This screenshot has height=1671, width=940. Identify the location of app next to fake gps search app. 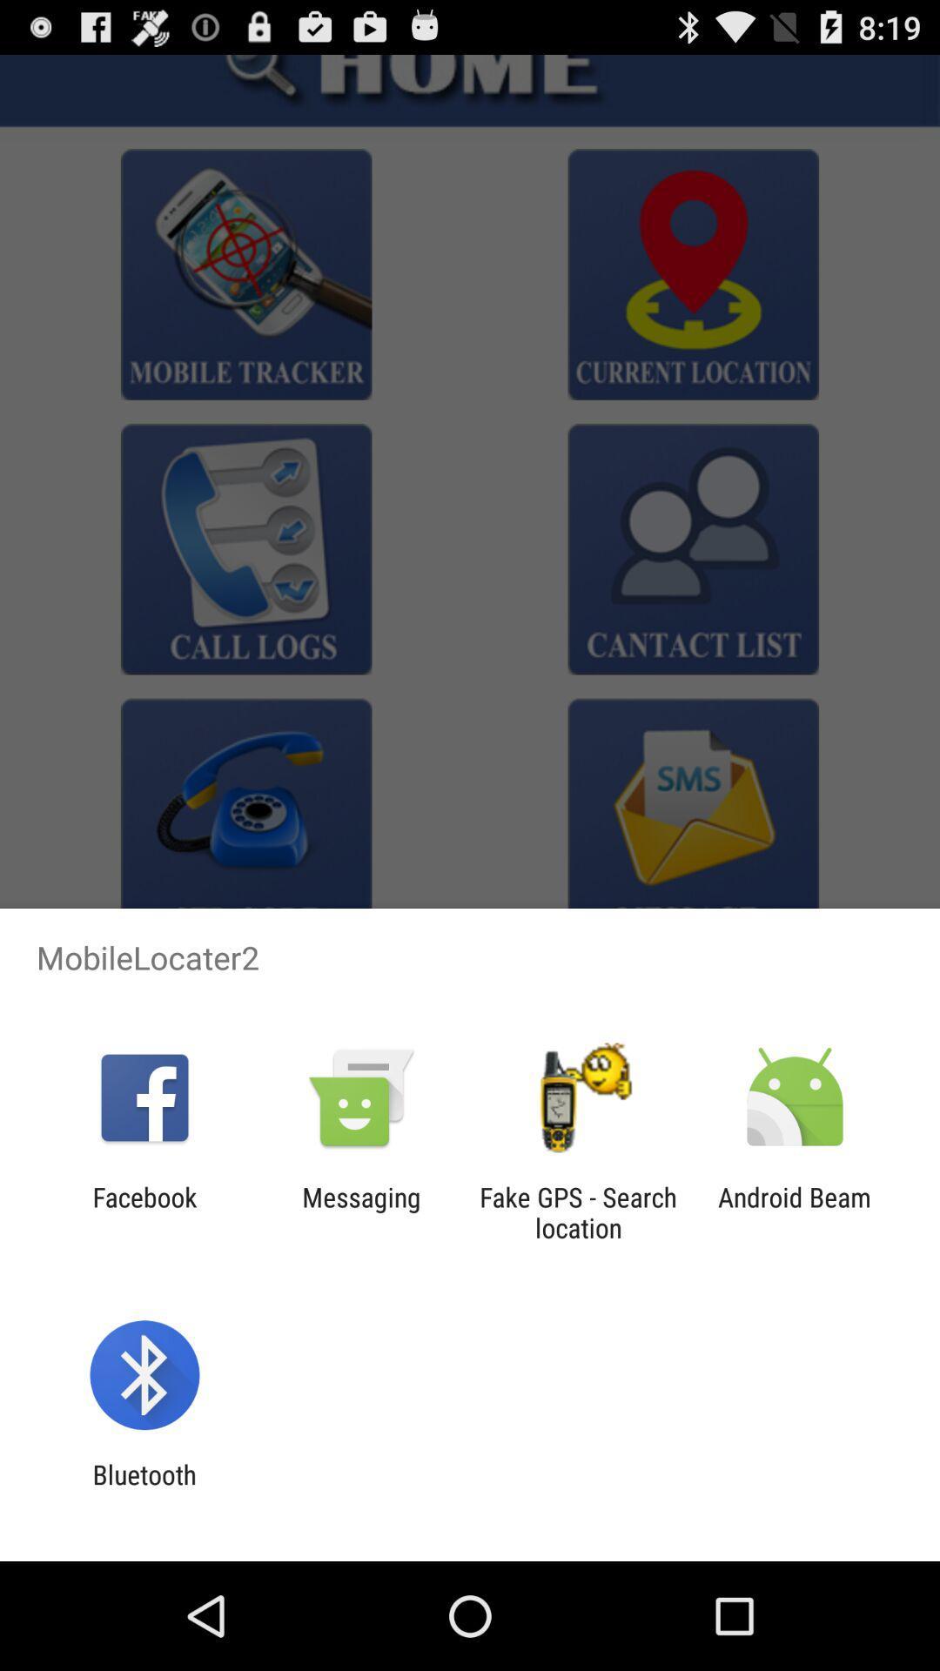
(795, 1211).